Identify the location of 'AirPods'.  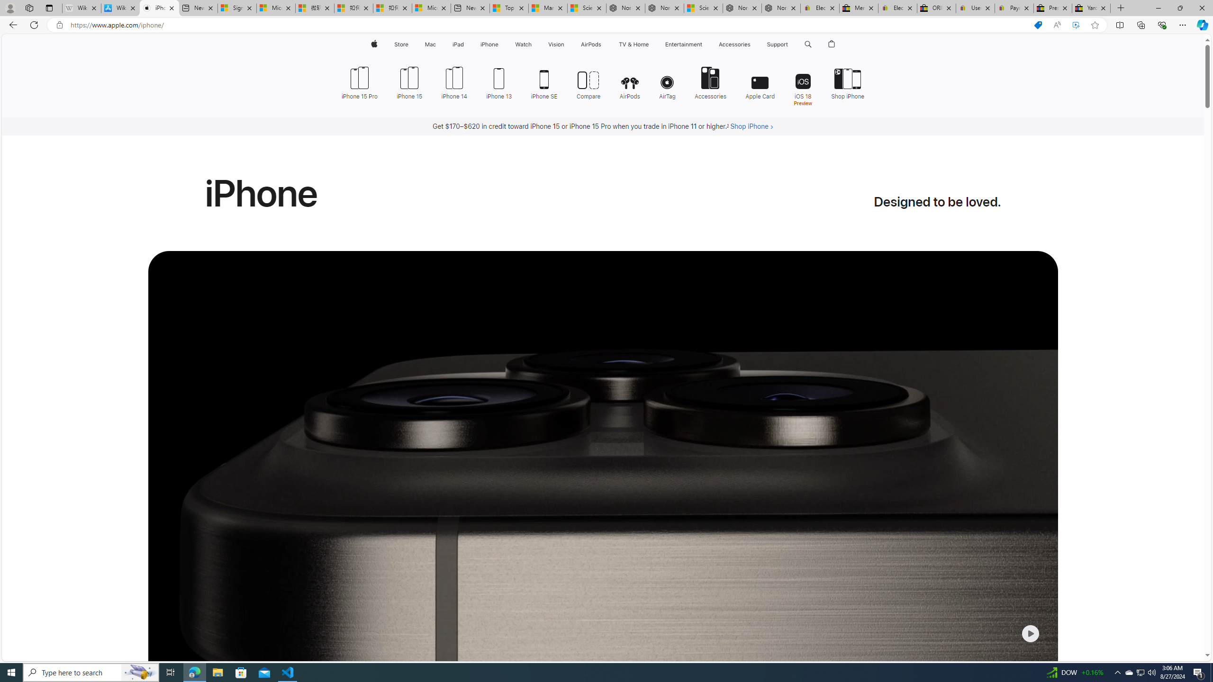
(629, 81).